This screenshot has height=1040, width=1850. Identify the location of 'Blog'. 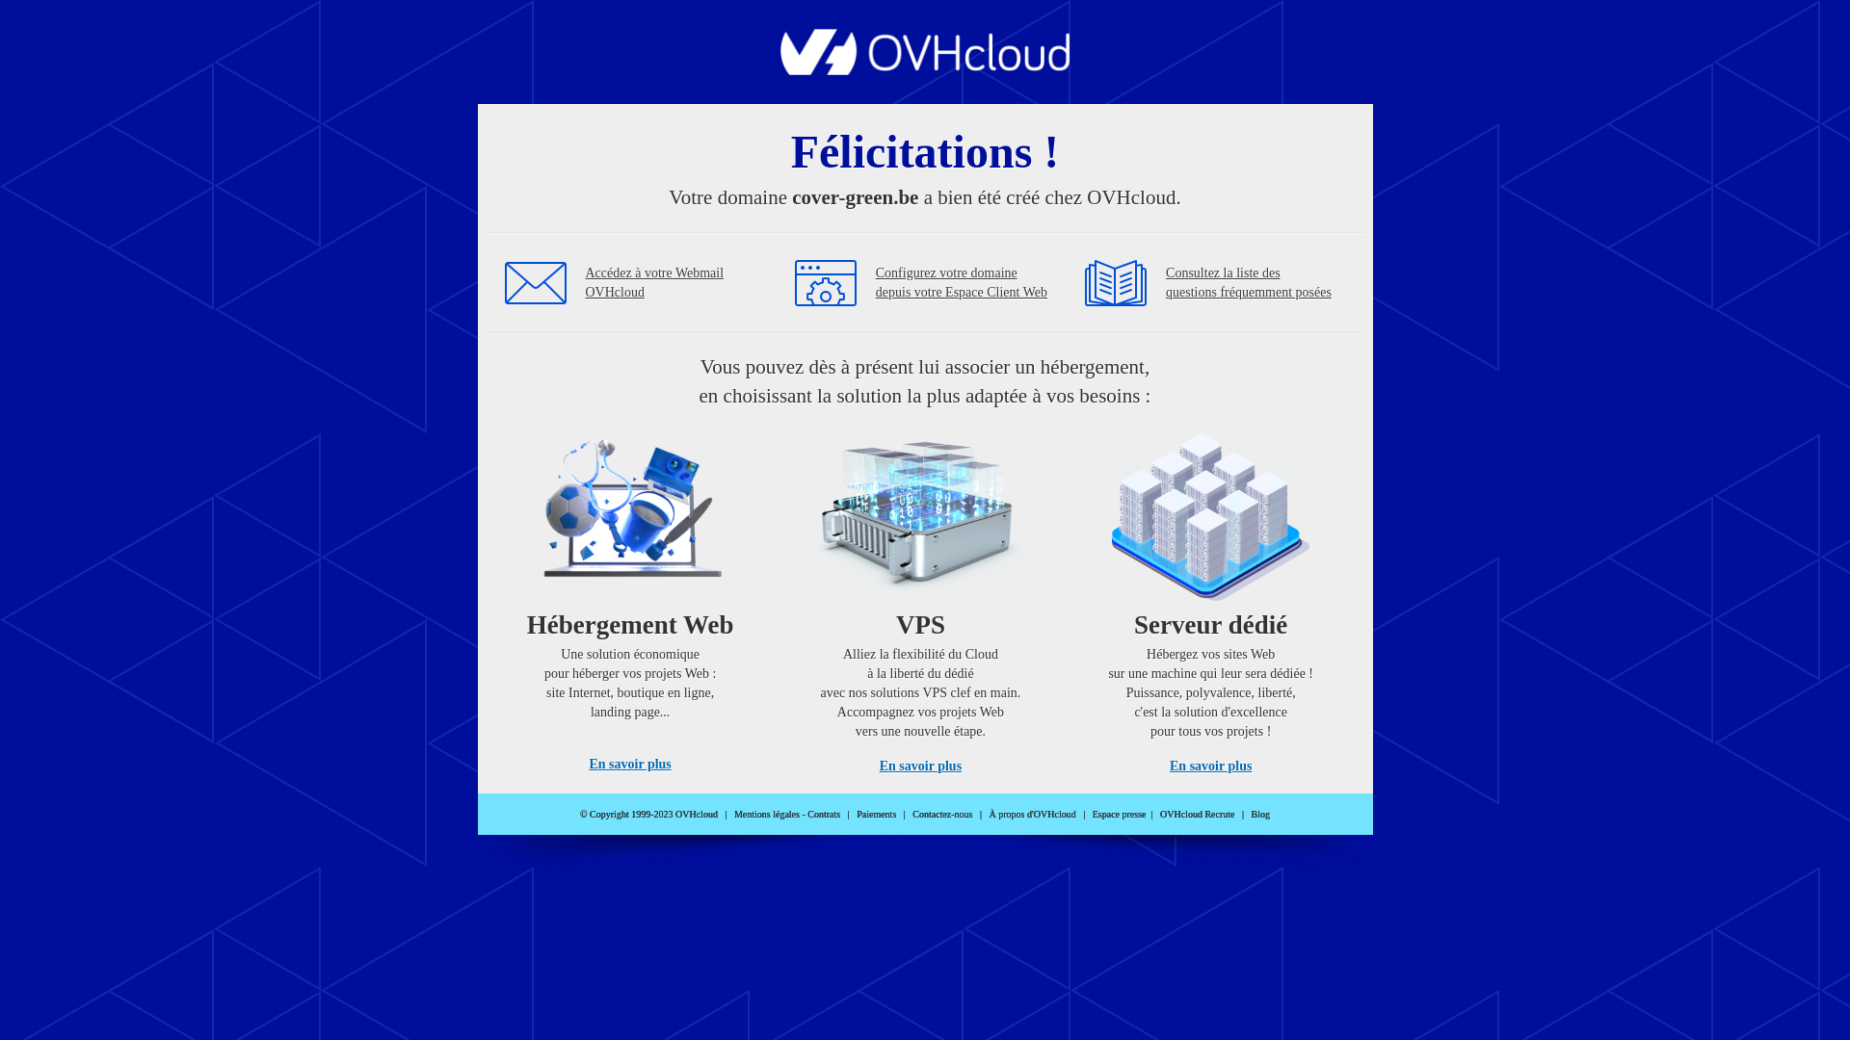
(1260, 814).